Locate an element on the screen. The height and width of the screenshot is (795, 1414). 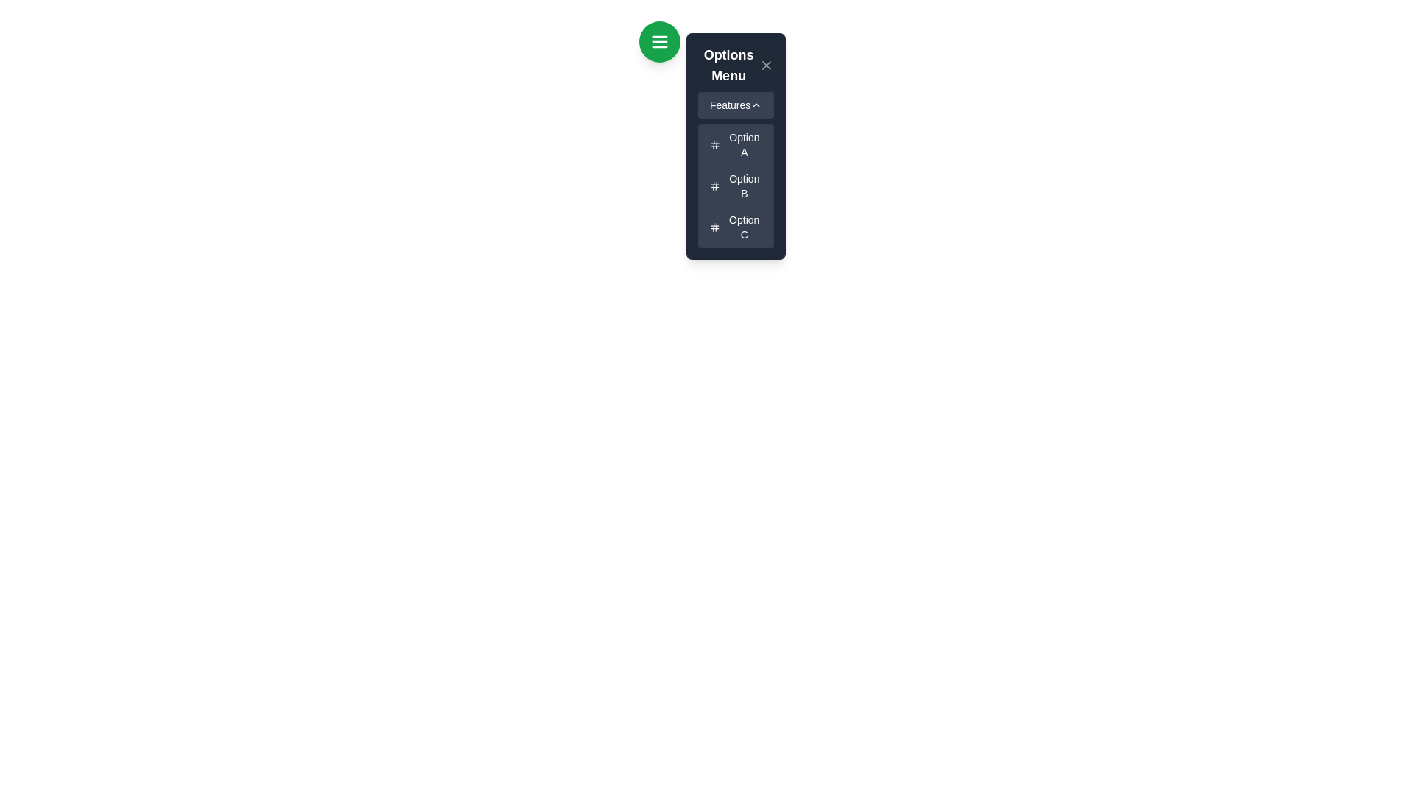
the hash '#' icon located to the left of the text 'Option B' in the vertical menu is located at coordinates (715, 185).